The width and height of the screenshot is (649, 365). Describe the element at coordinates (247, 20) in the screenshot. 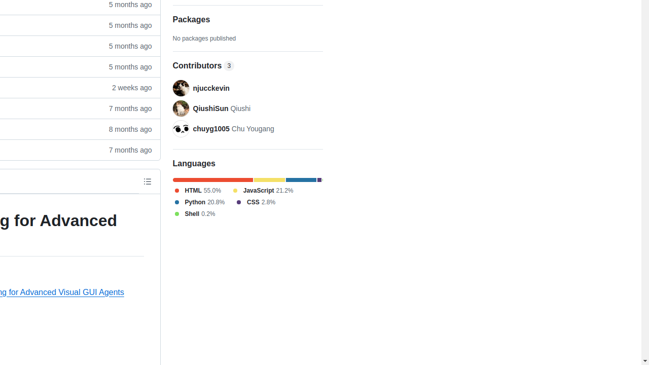

I see `'Packages'` at that location.